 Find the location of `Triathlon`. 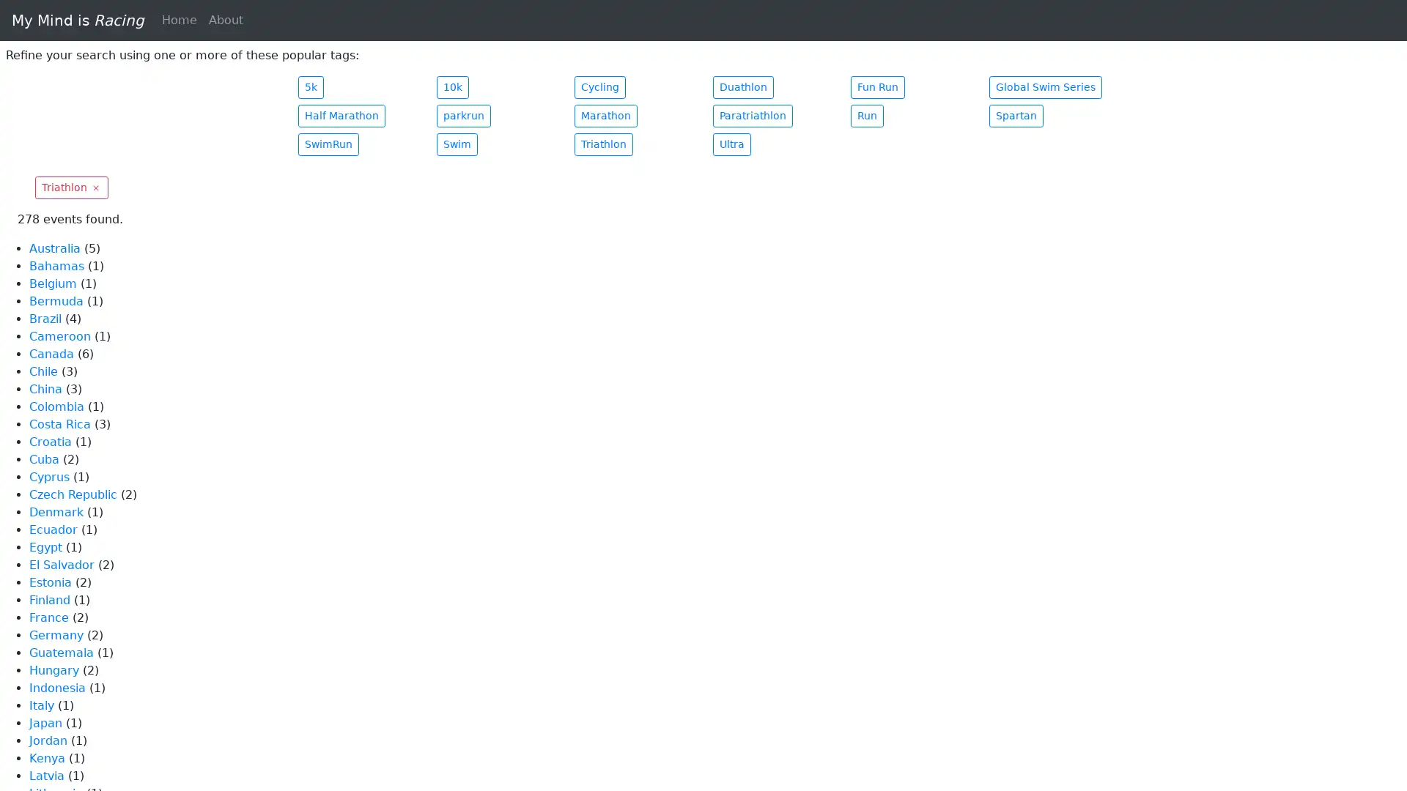

Triathlon is located at coordinates (604, 144).